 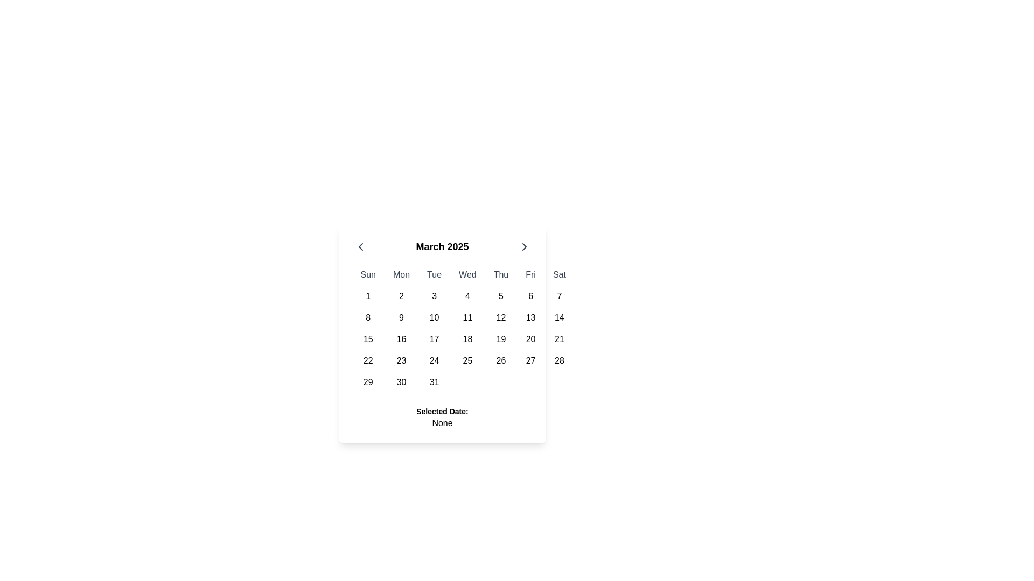 I want to click on the clickable date option displaying '16' in the second column of the third week of the March 2025 calendar, so click(x=401, y=339).